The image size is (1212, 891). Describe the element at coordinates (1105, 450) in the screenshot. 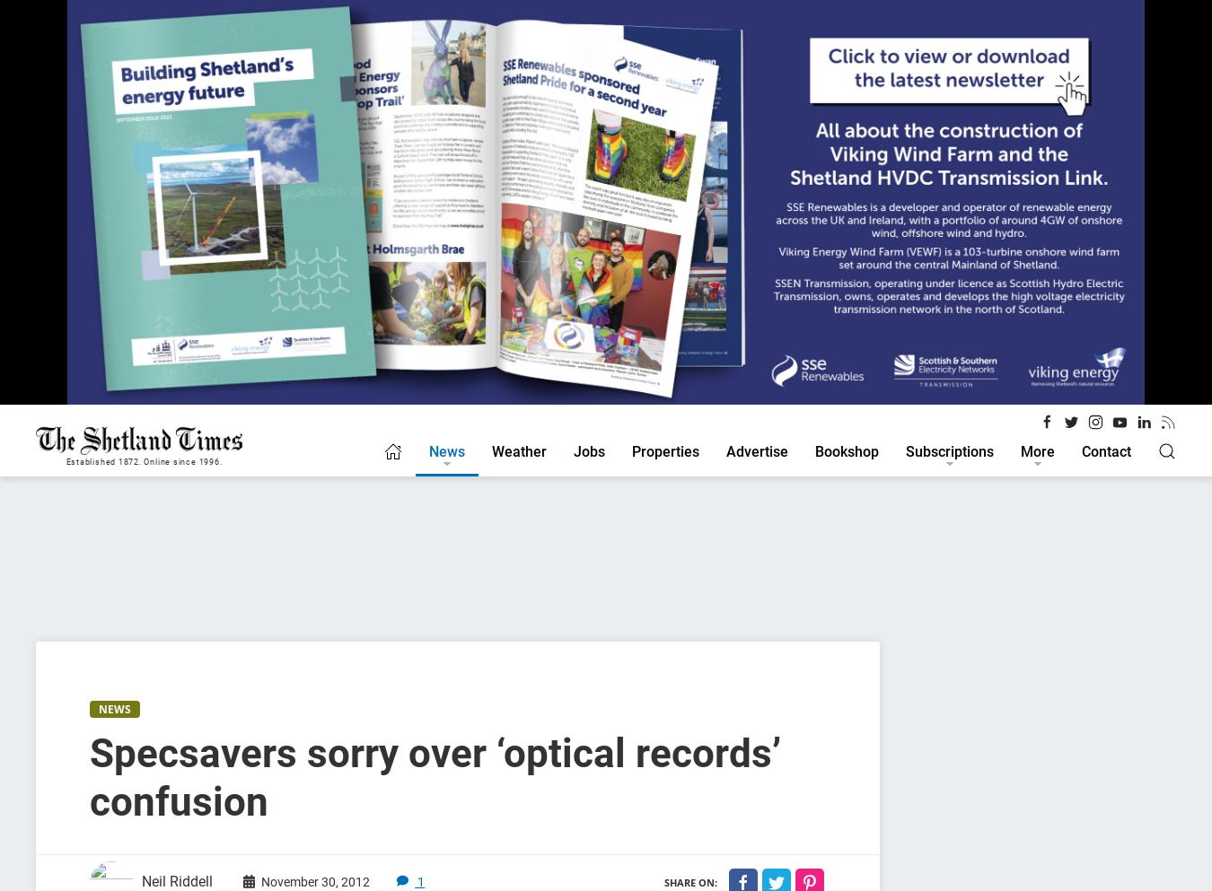

I see `'Contact'` at that location.